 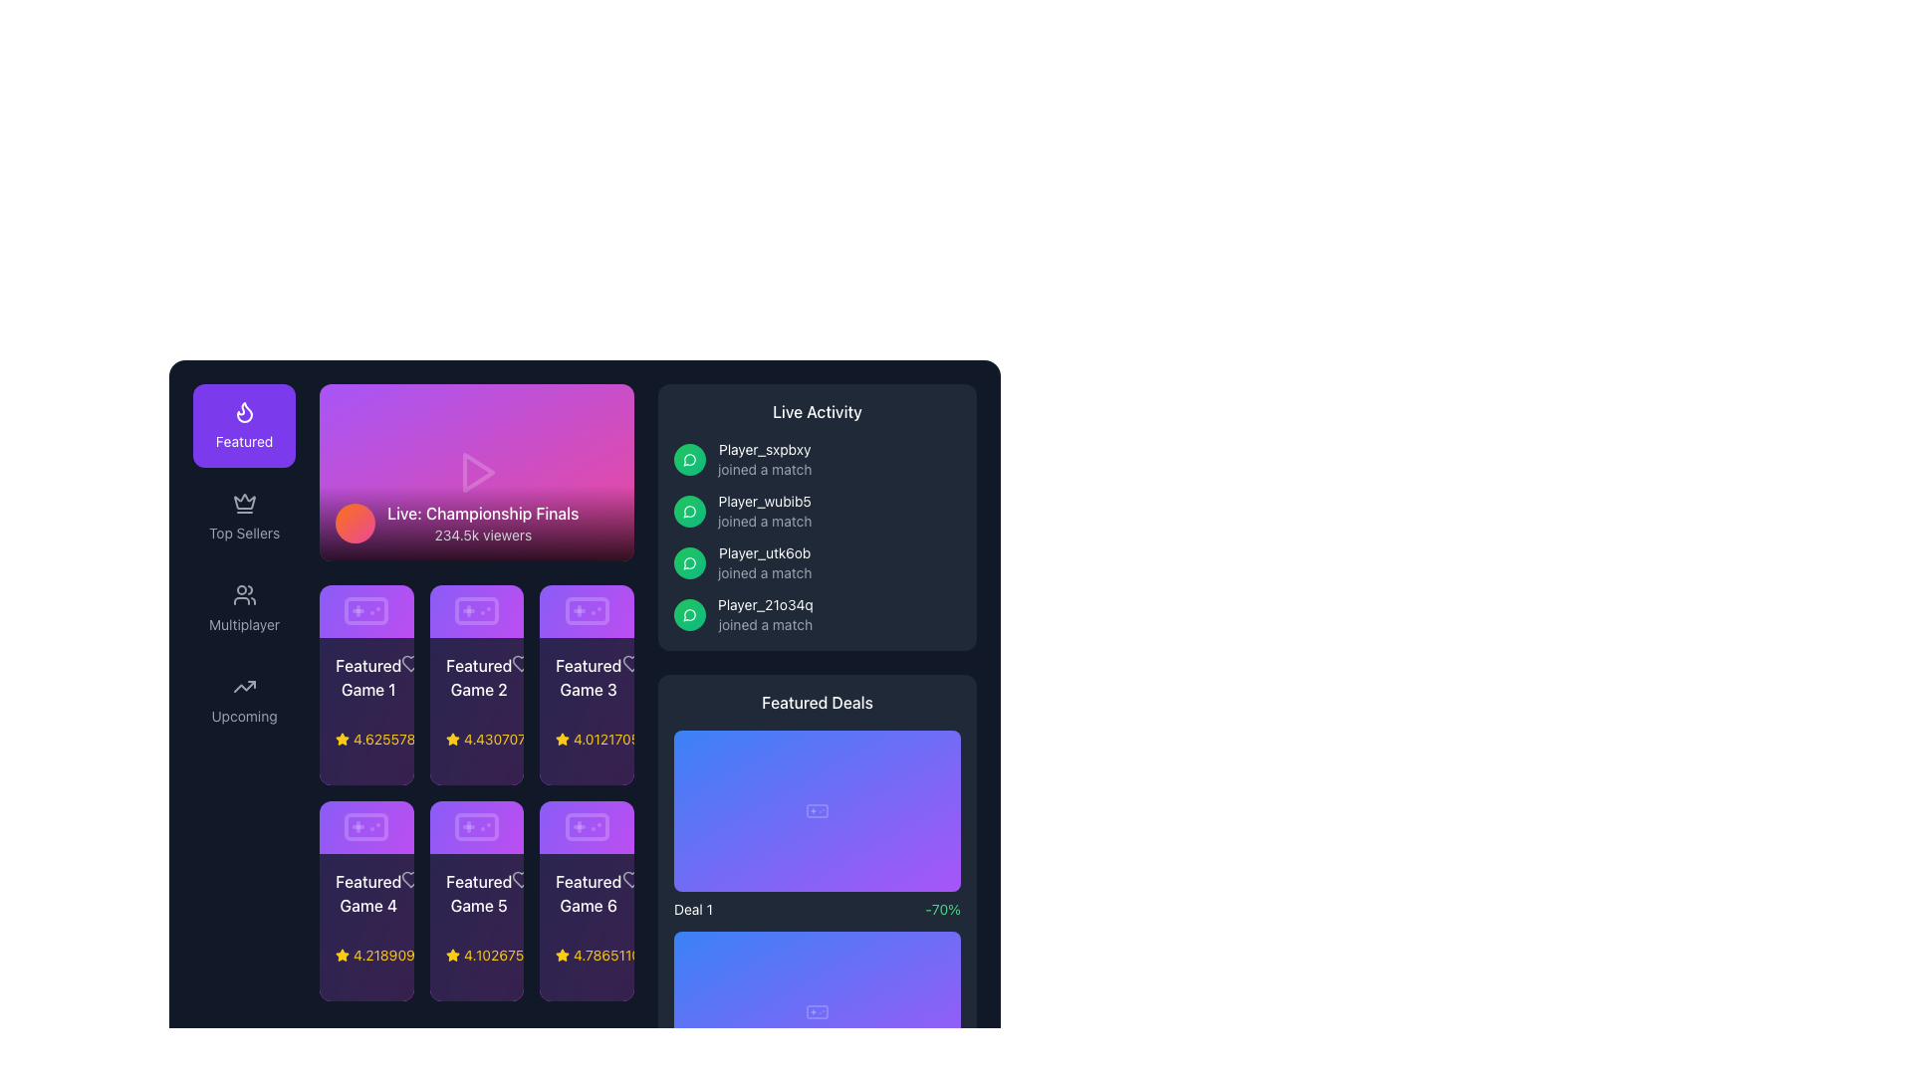 What do you see at coordinates (764, 604) in the screenshot?
I see `the text 'Player_21o34q joined a match'` at bounding box center [764, 604].